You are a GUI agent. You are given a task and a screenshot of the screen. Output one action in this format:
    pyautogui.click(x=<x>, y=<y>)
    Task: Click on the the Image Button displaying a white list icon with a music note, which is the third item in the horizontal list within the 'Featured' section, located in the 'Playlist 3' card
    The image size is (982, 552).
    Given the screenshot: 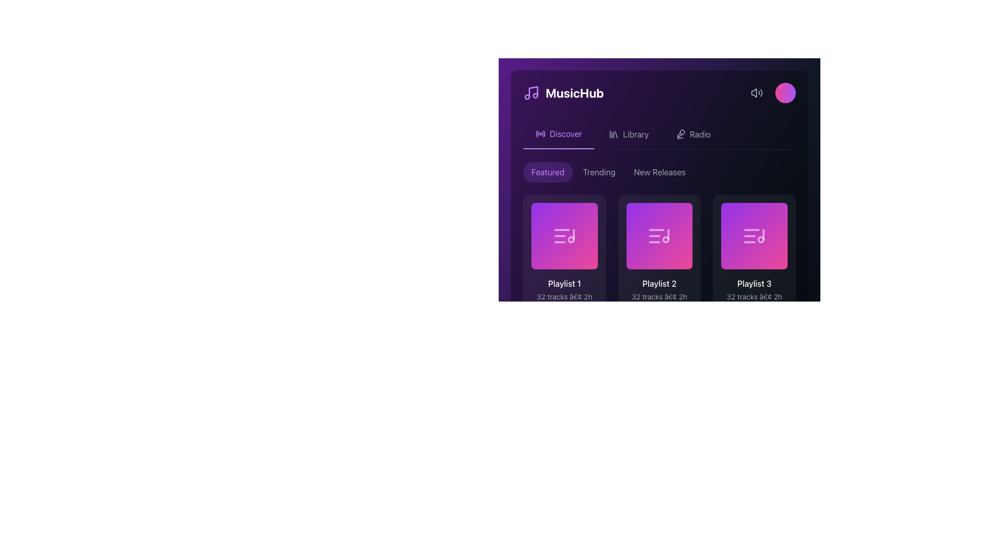 What is the action you would take?
    pyautogui.click(x=754, y=236)
    